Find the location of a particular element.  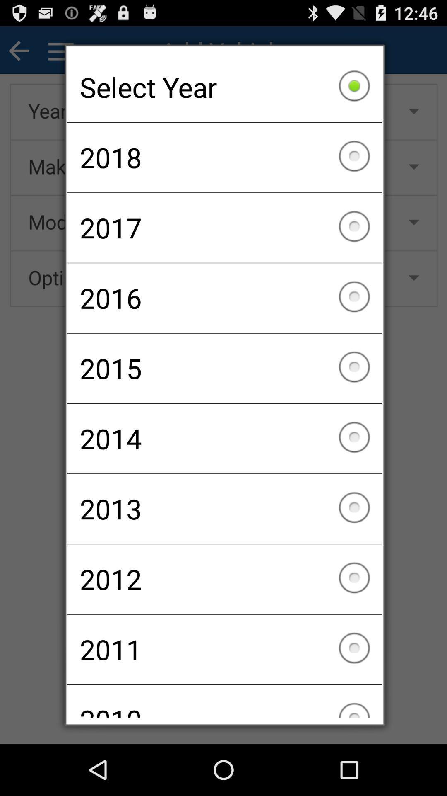

the checkbox below the select year item is located at coordinates (224, 158).